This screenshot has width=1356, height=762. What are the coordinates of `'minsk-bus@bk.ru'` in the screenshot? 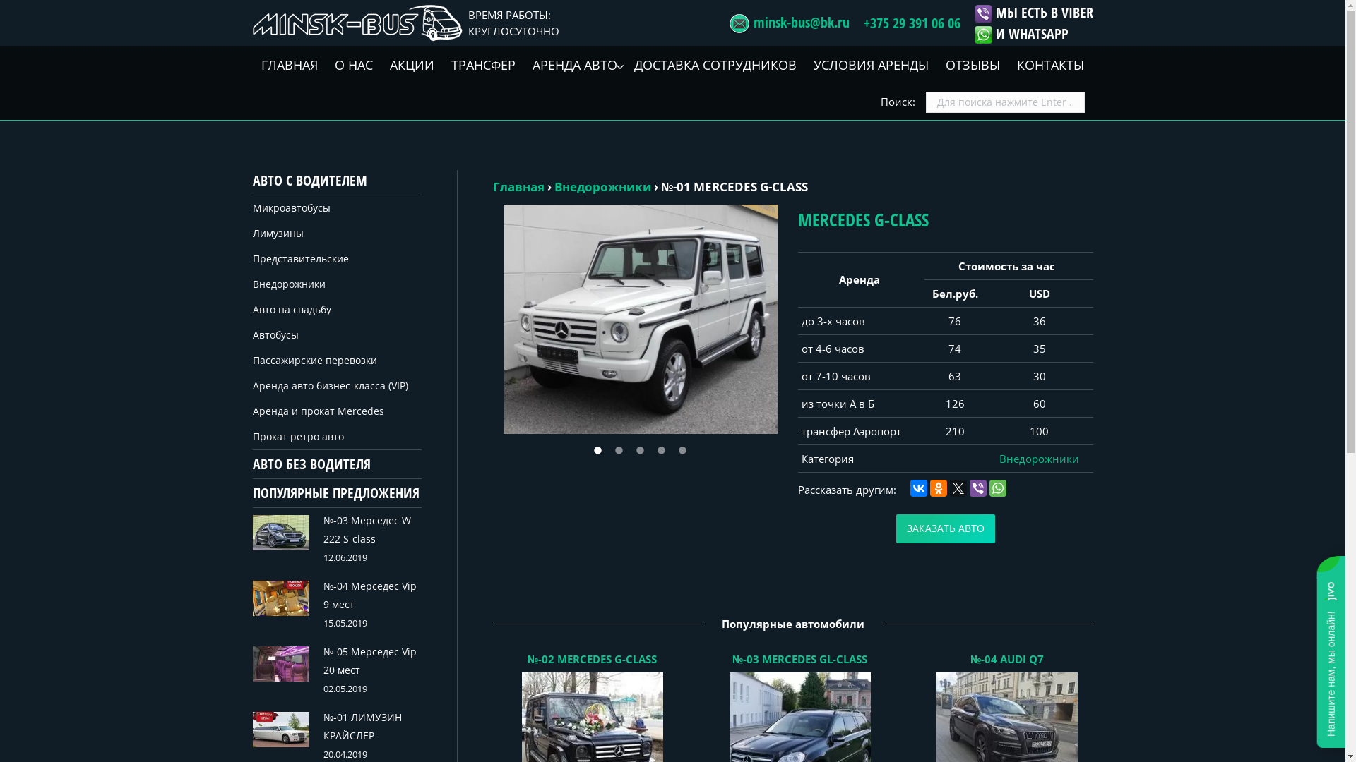 It's located at (800, 22).